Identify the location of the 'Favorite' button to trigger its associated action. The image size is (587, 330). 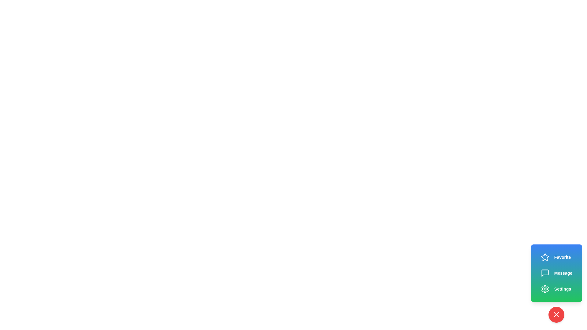
(556, 257).